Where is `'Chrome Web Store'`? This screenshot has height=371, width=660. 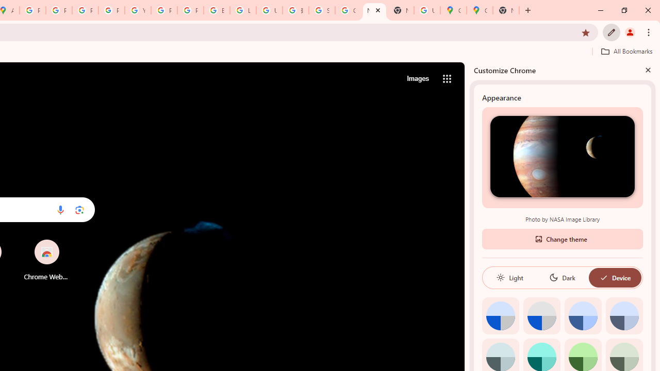
'Chrome Web Store' is located at coordinates (46, 260).